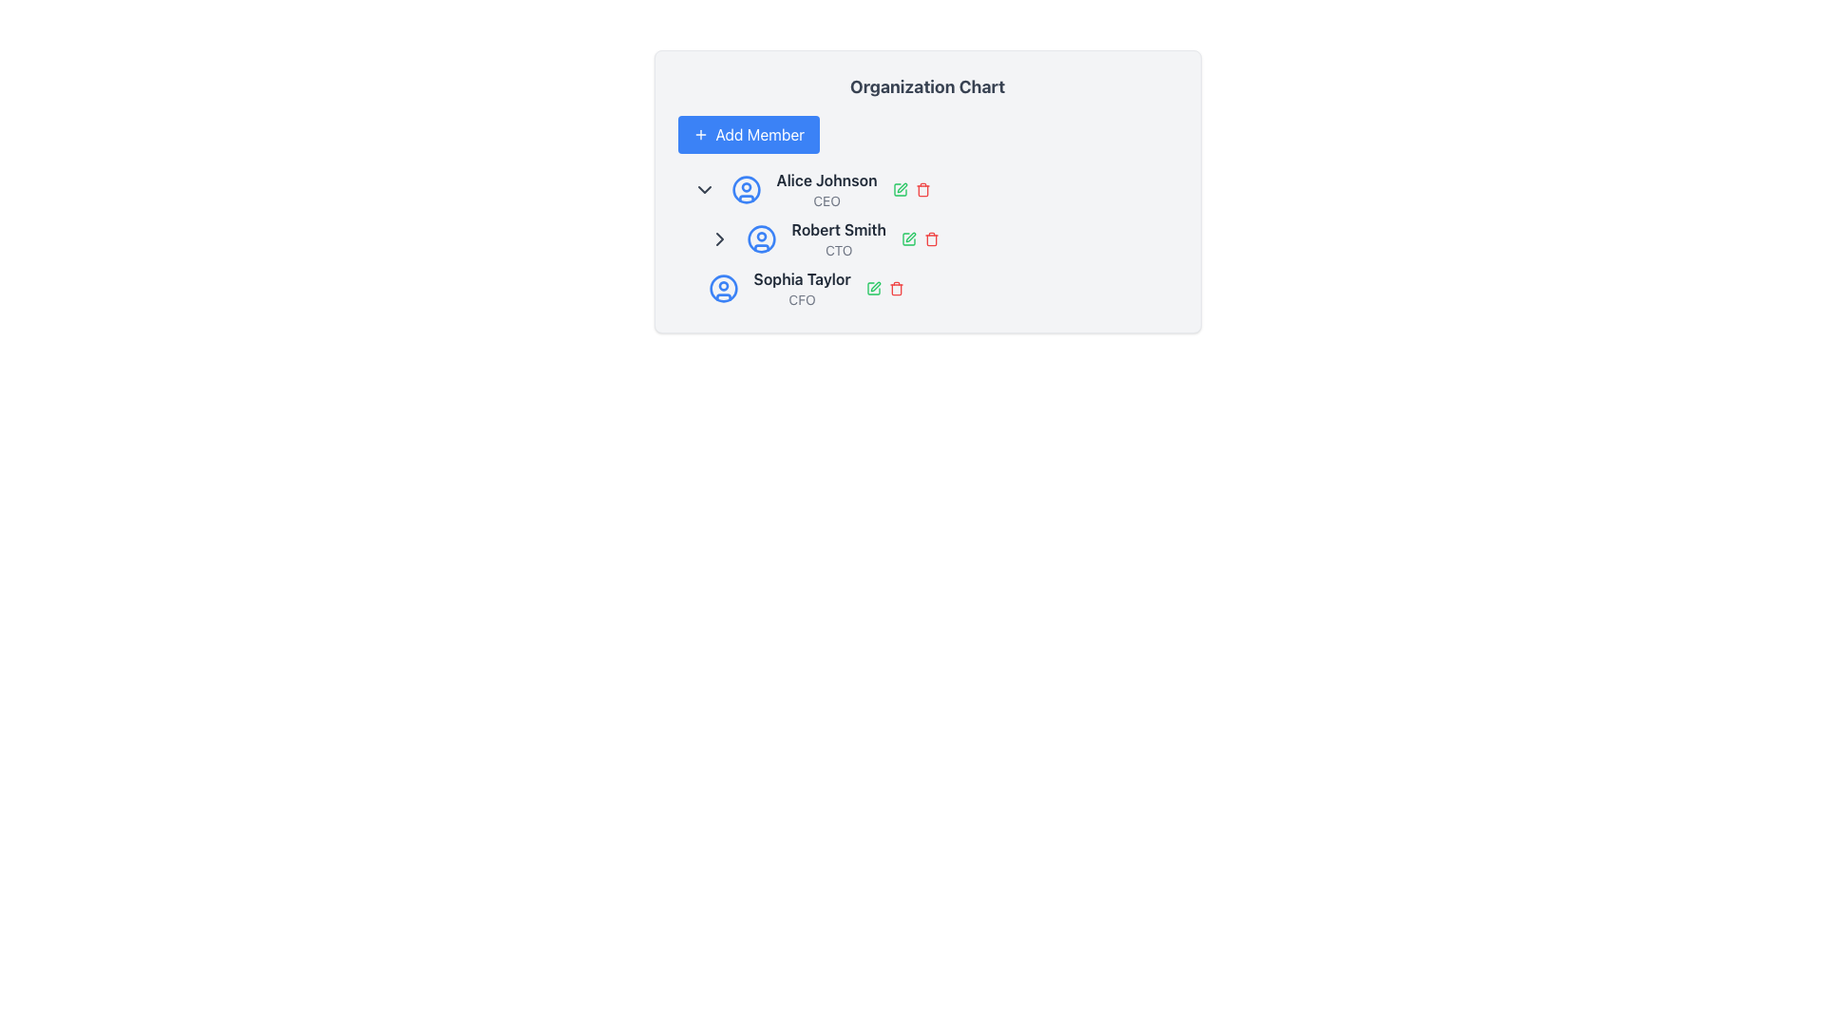 The height and width of the screenshot is (1026, 1824). I want to click on the 'Add Member' button, which is a blue rectangular button with white text and a '+' icon, positioned below the 'Organization Chart' title, so click(748, 134).